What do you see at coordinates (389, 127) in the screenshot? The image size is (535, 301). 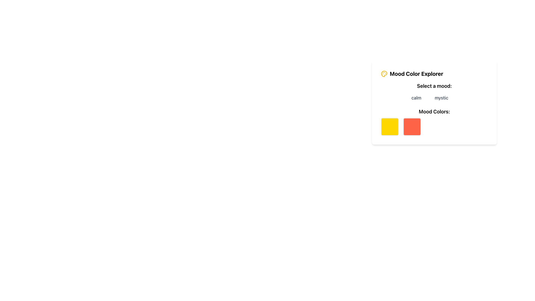 I see `the bright yellow square visual indicator with rounded corners located in the first position of the 'Mood Colors:' section` at bounding box center [389, 127].